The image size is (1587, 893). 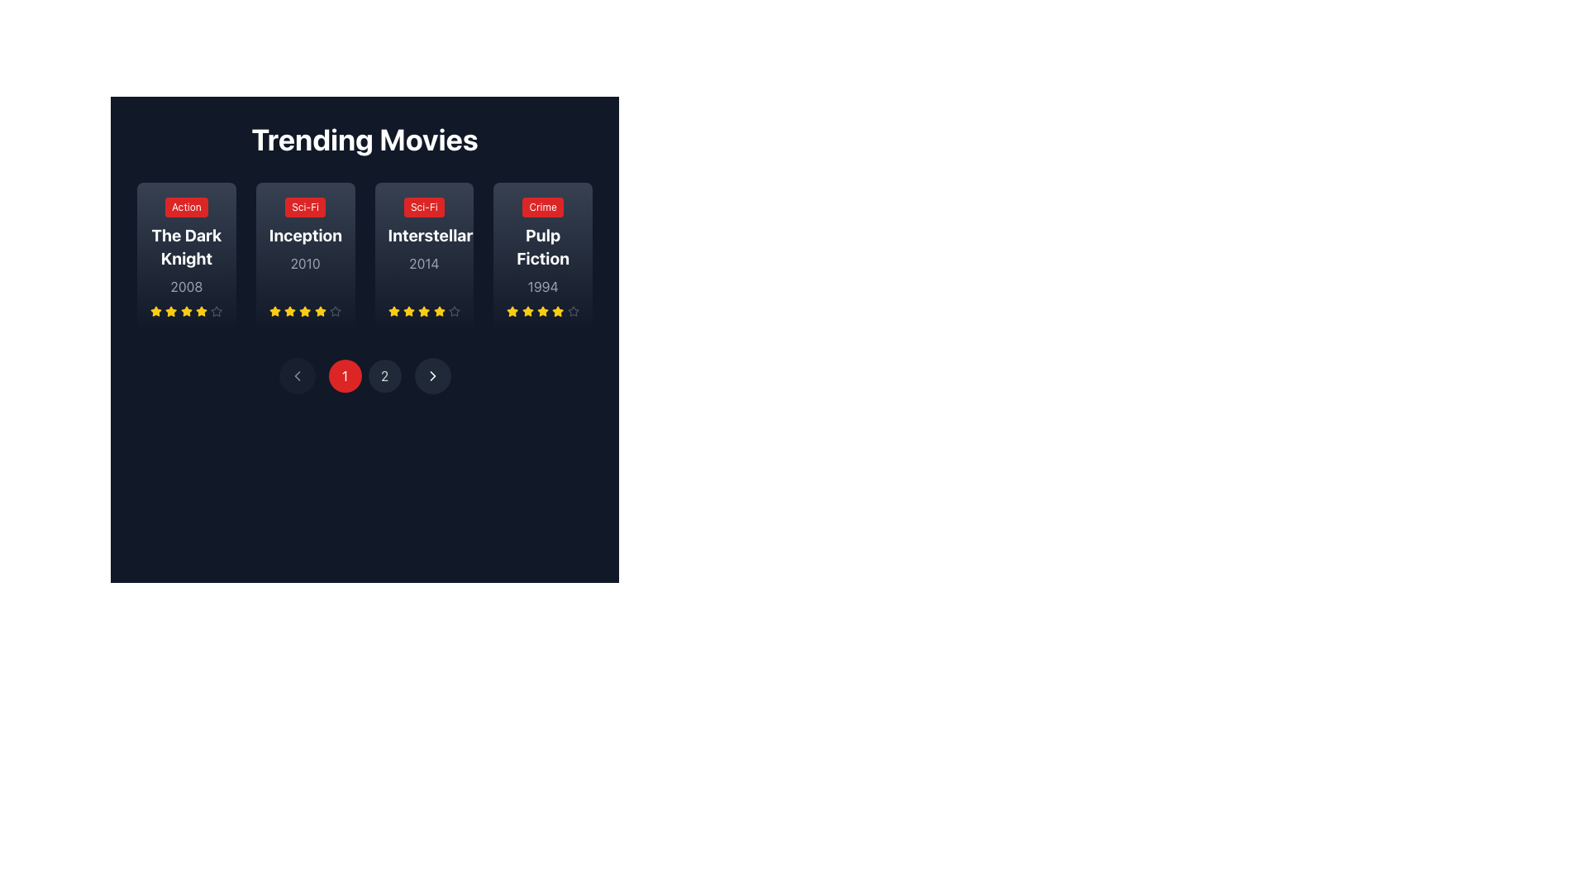 What do you see at coordinates (305, 311) in the screenshot?
I see `the fourth yellow star icon in the rating system below the movie title 'Inception'` at bounding box center [305, 311].